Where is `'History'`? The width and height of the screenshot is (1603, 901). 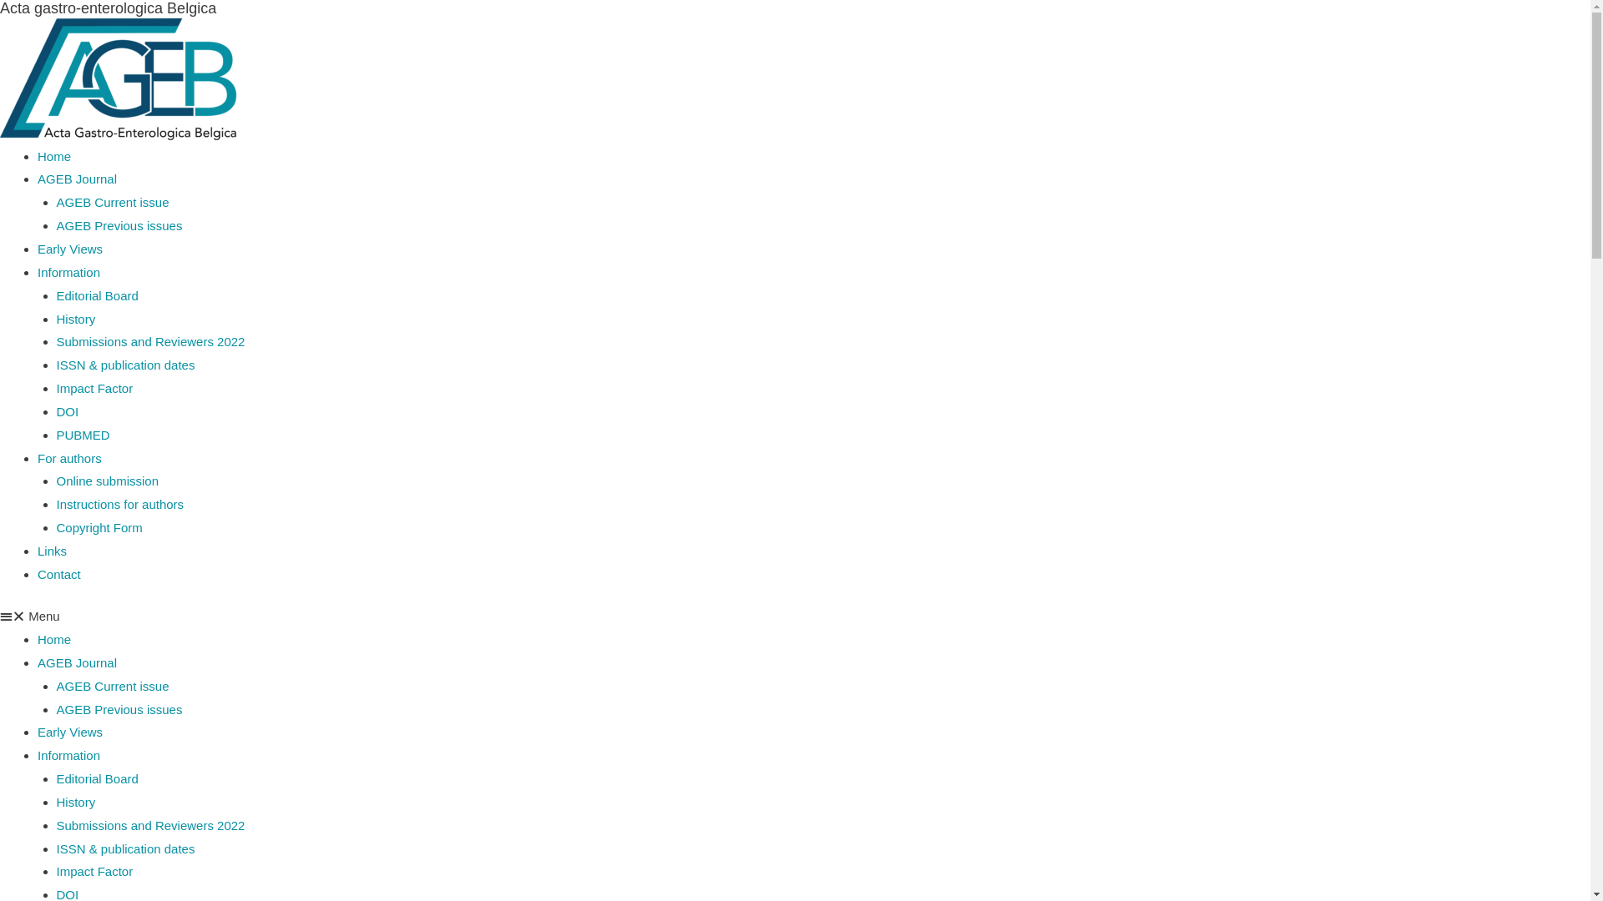 'History' is located at coordinates (75, 801).